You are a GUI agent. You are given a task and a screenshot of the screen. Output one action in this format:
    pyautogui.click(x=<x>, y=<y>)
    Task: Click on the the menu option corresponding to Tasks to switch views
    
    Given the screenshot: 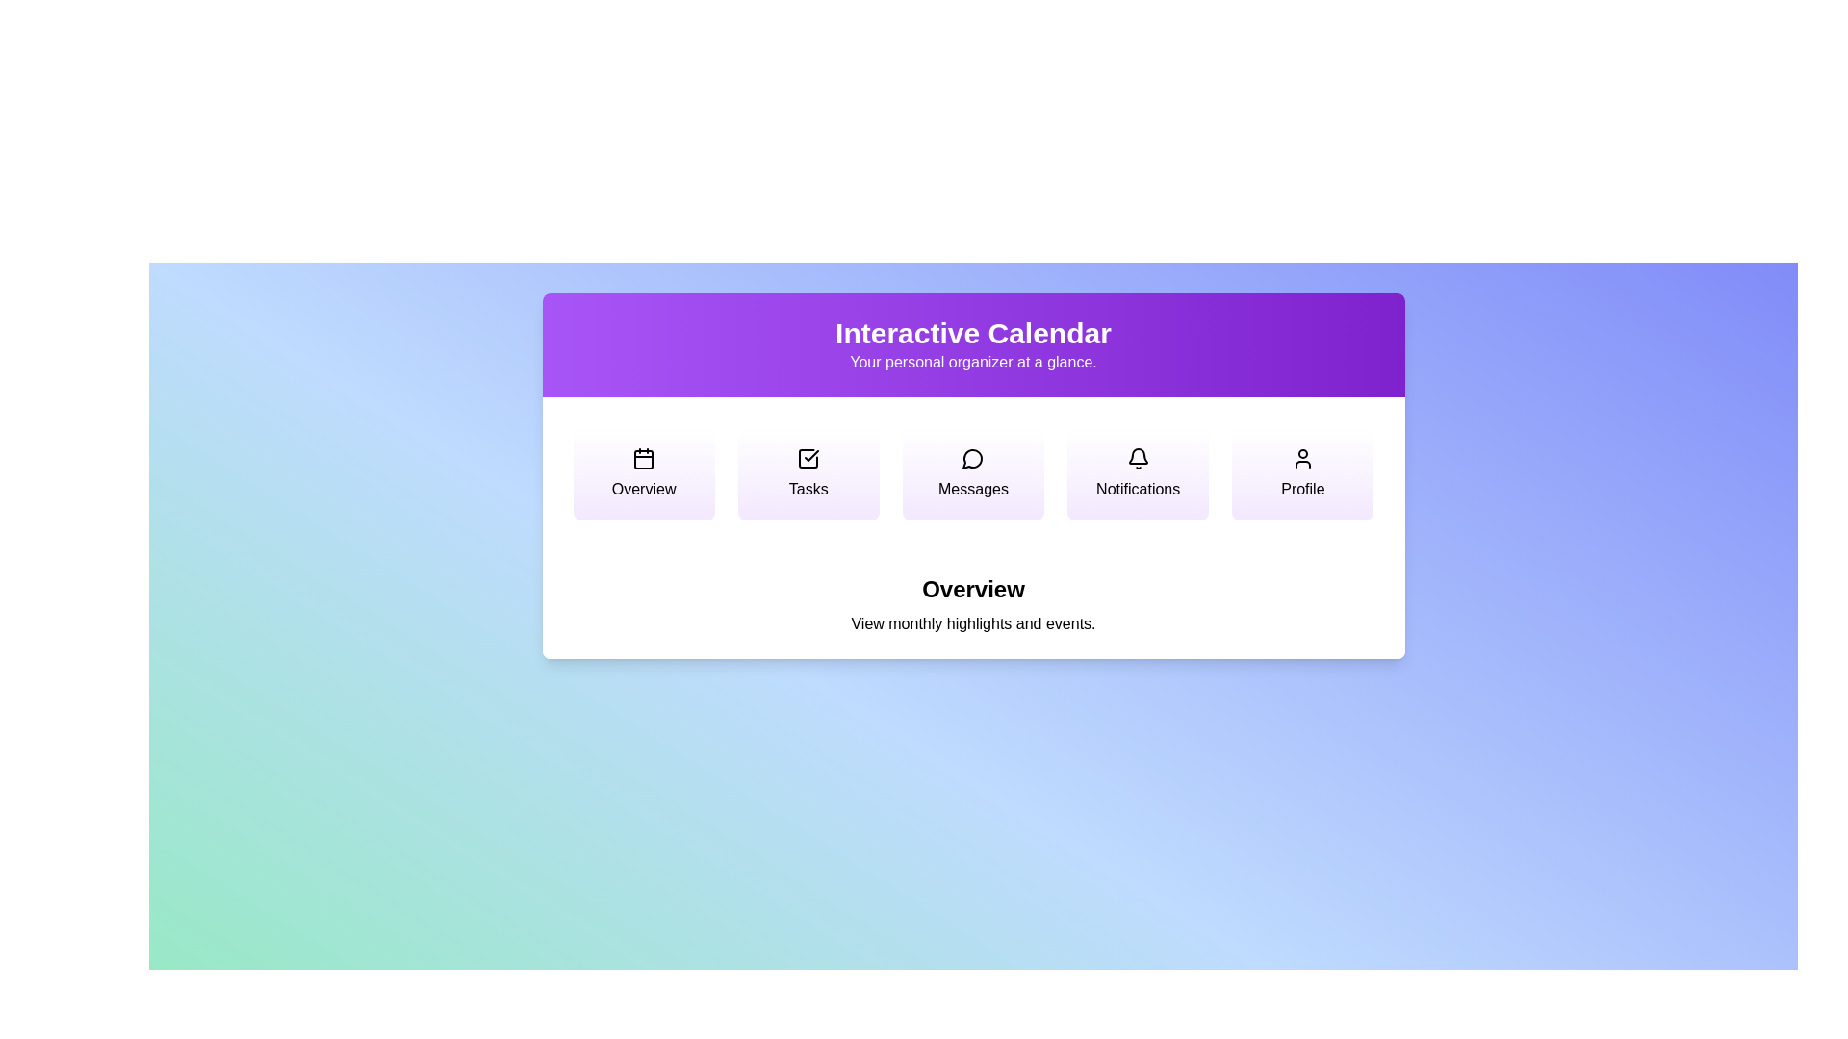 What is the action you would take?
    pyautogui.click(x=808, y=474)
    